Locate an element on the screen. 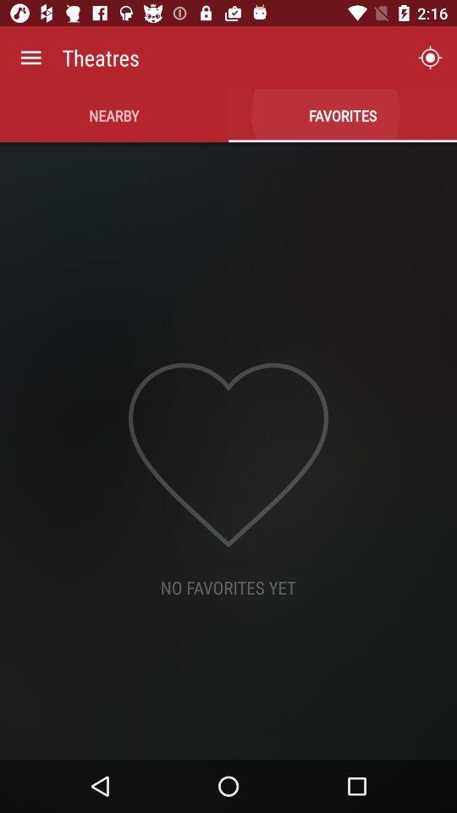 This screenshot has height=813, width=457. the item to the left of theatres icon is located at coordinates (30, 58).